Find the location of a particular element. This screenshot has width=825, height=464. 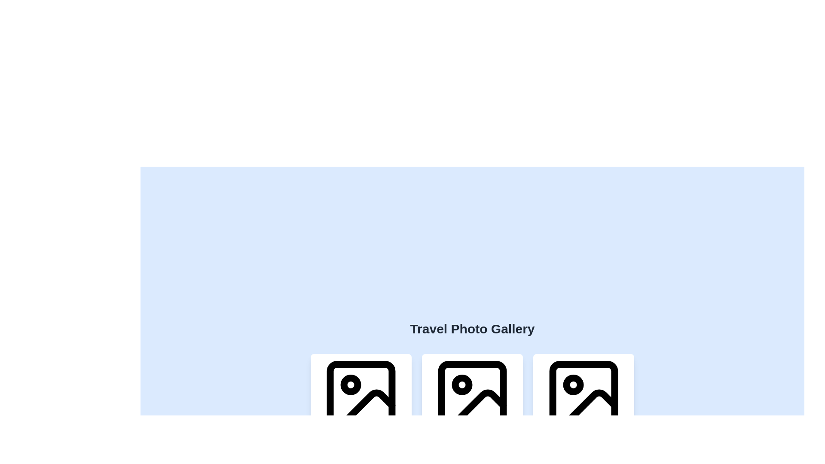

the image display placeholder icon located at the center of the 'Travel Photo Gallery' section is located at coordinates (472, 395).